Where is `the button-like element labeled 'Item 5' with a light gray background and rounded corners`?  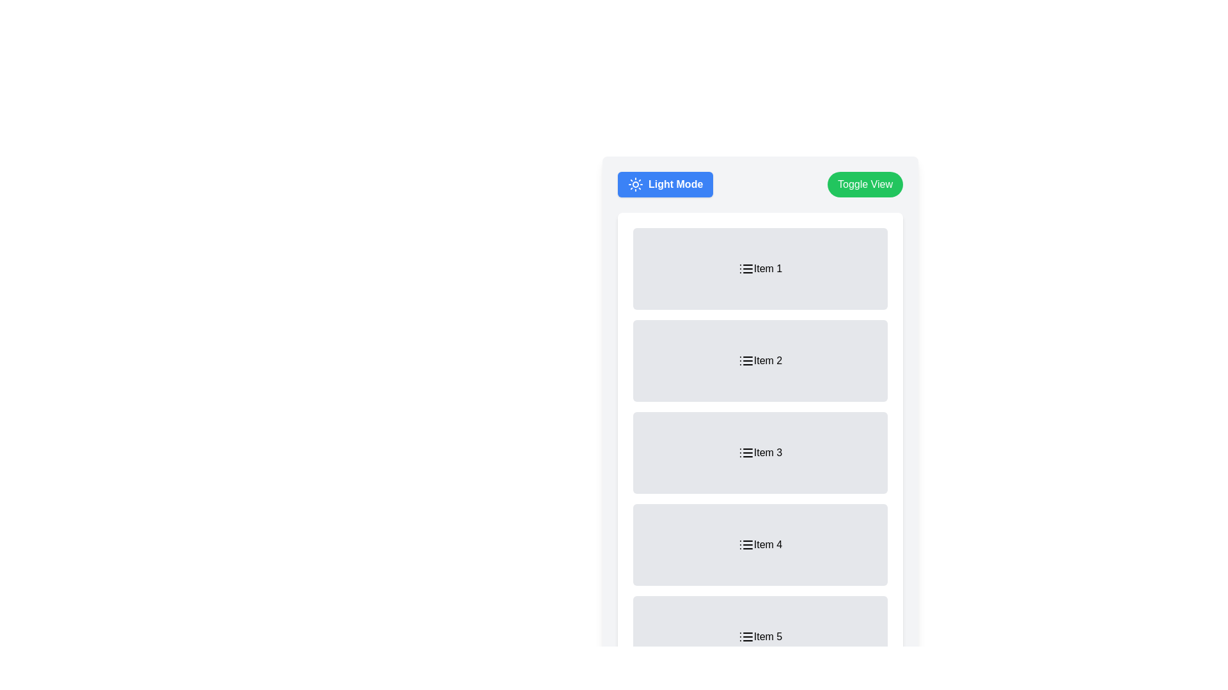 the button-like element labeled 'Item 5' with a light gray background and rounded corners is located at coordinates (760, 636).